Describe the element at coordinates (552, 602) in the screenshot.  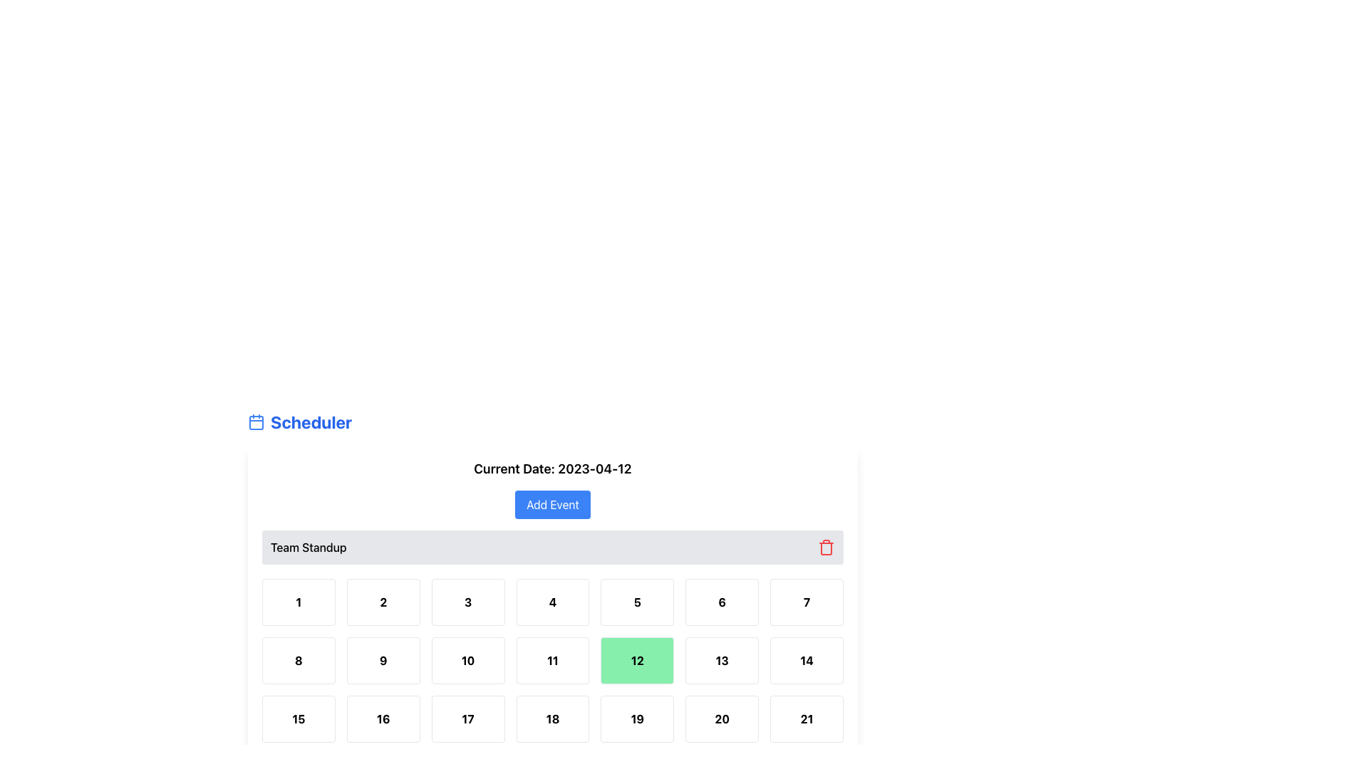
I see `the calendar cell labeled with the bold number '4', which is the fourth square in the top row under the 'Team Standup' header` at that location.